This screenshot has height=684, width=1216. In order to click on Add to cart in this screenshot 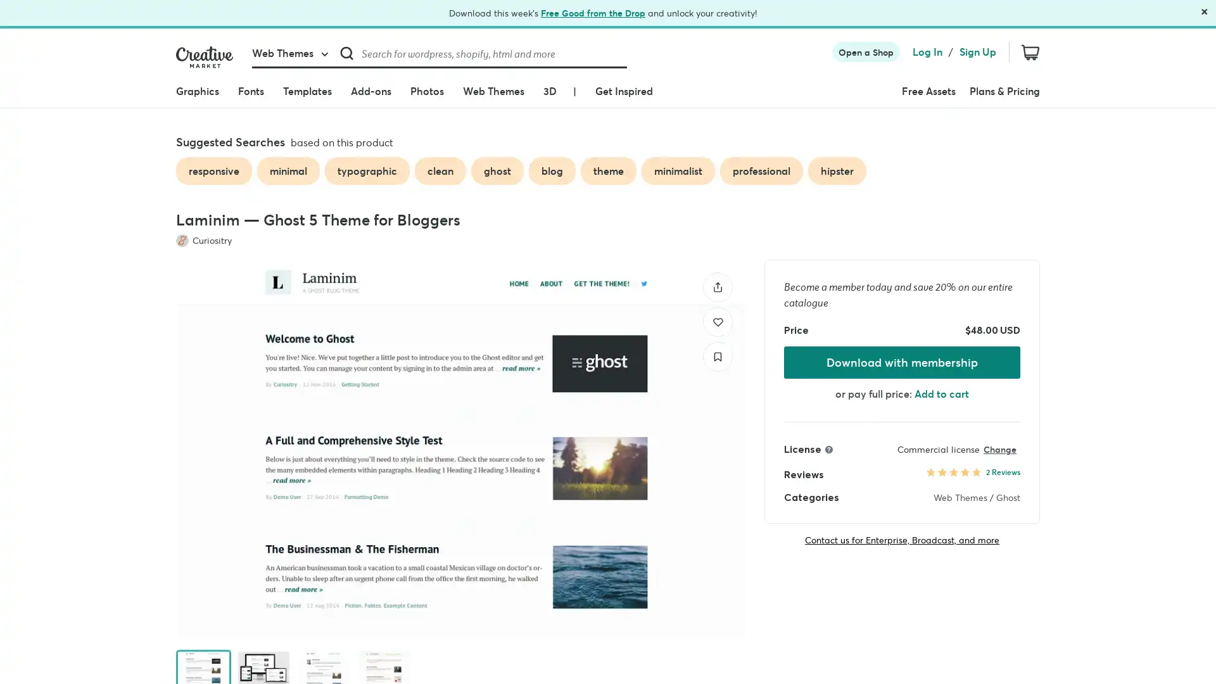, I will do `click(942, 393)`.